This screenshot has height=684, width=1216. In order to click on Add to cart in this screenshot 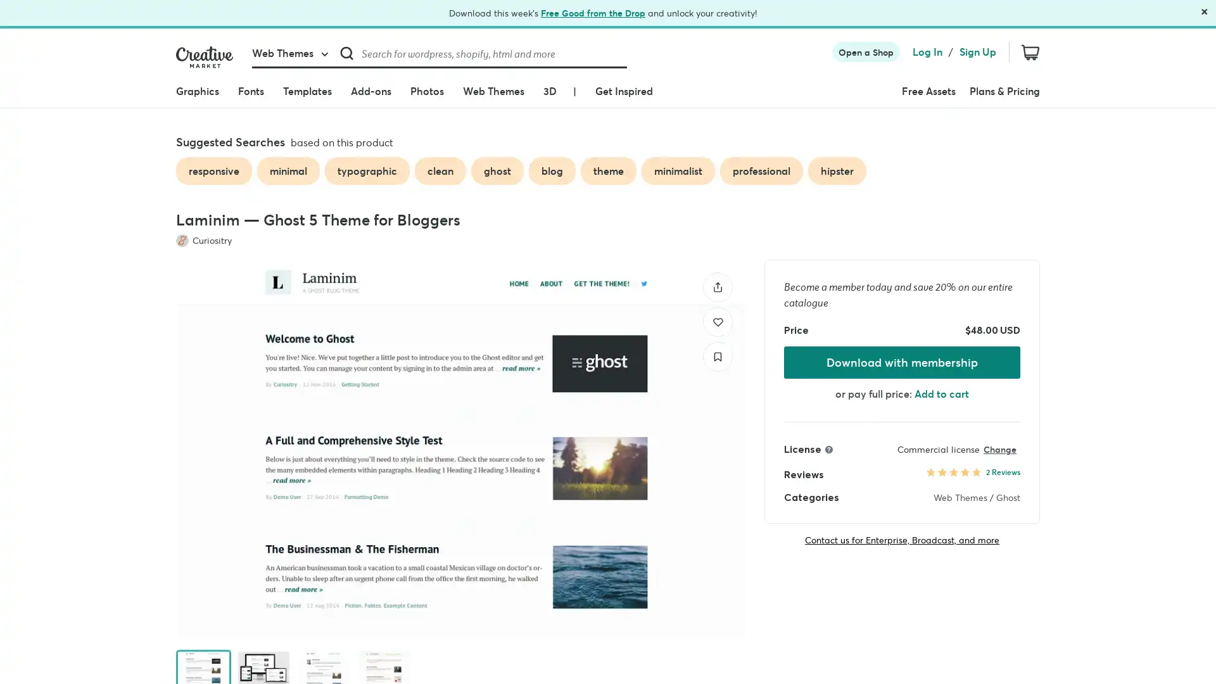, I will do `click(942, 393)`.